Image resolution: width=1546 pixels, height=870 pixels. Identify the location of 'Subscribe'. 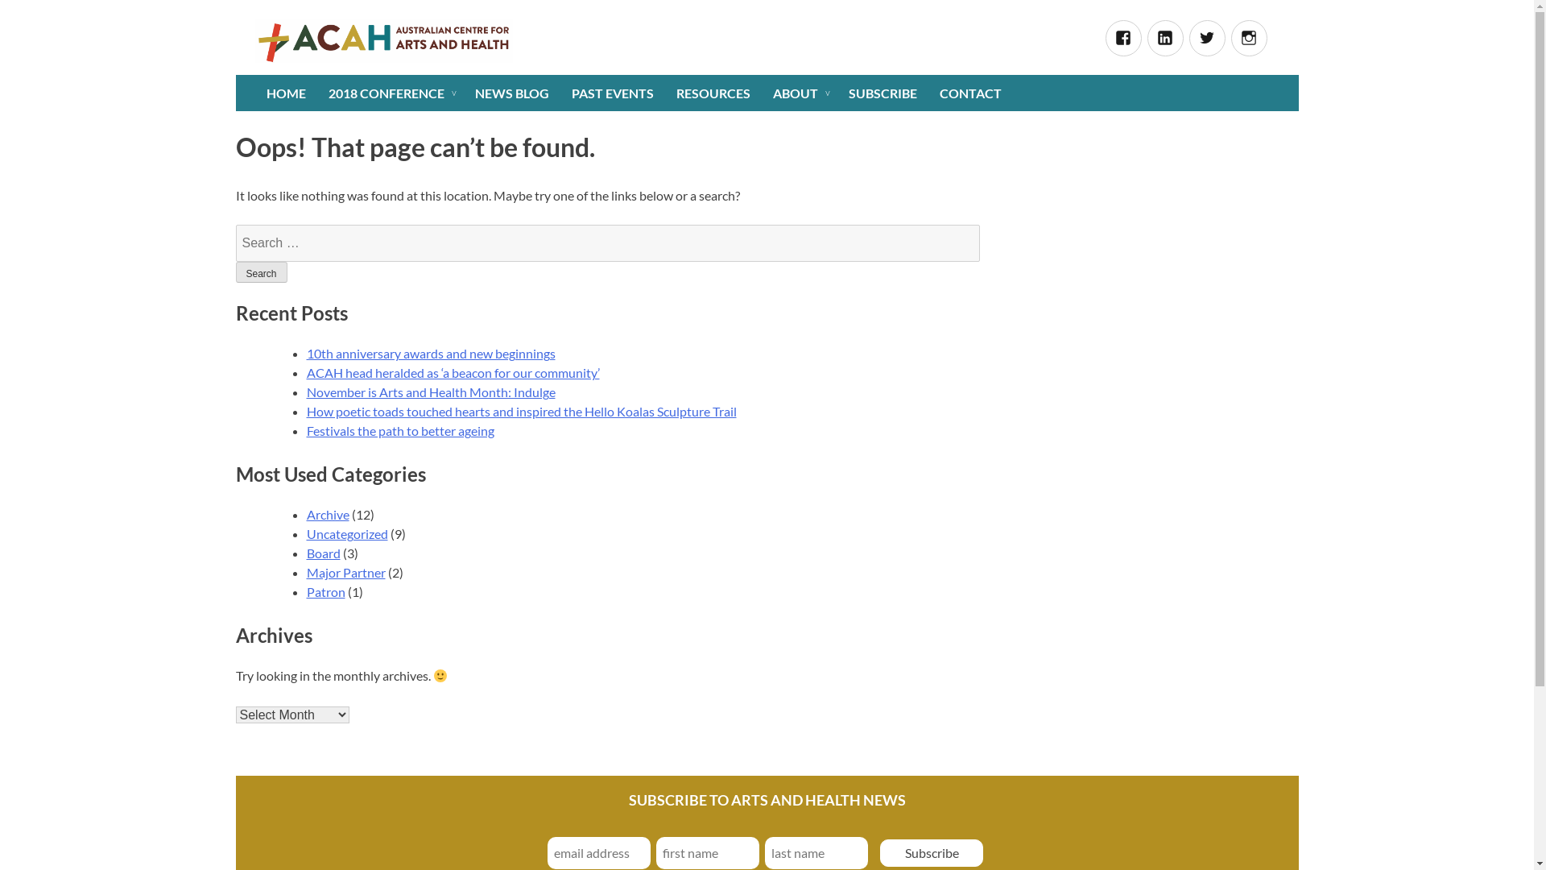
(931, 852).